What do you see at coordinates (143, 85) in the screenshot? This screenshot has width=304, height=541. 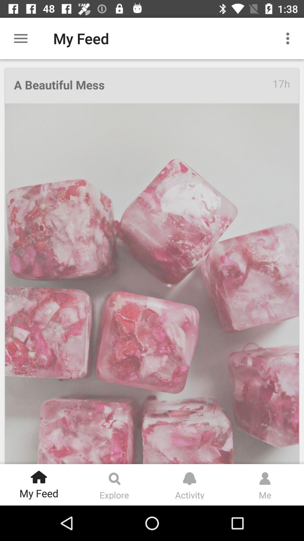 I see `item to the left of the 17h` at bounding box center [143, 85].